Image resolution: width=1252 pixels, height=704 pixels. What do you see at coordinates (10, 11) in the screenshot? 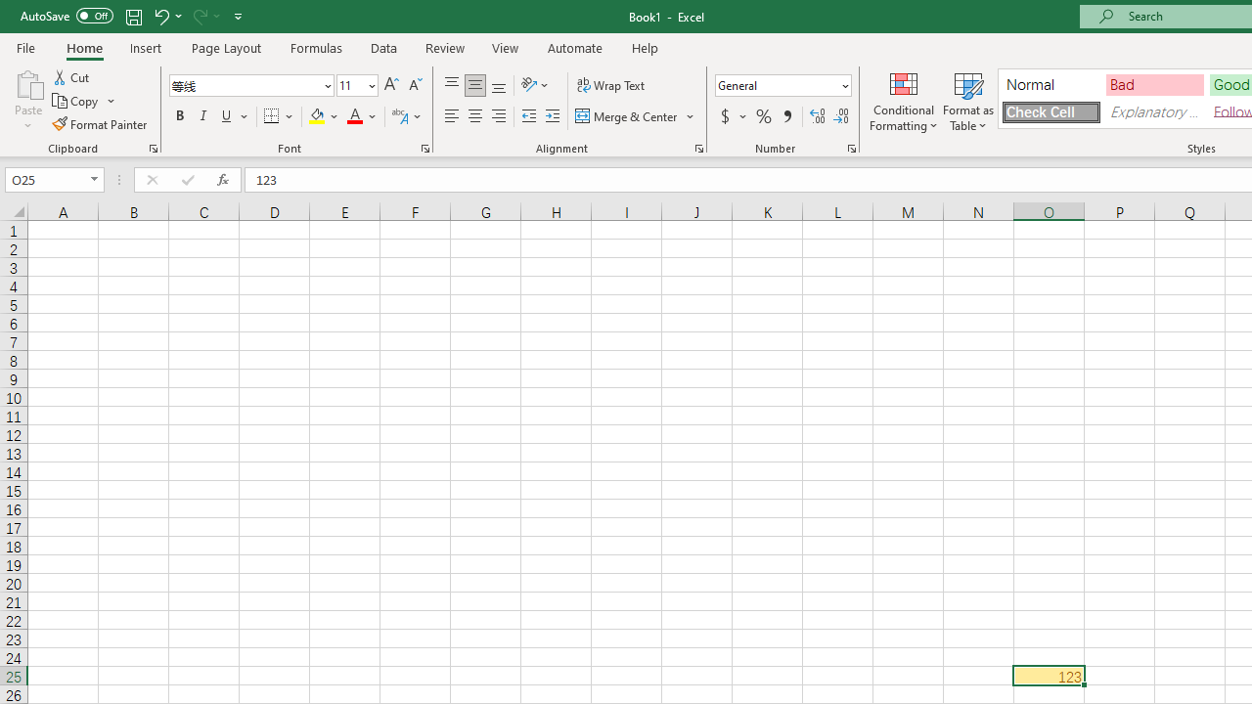
I see `'System'` at bounding box center [10, 11].